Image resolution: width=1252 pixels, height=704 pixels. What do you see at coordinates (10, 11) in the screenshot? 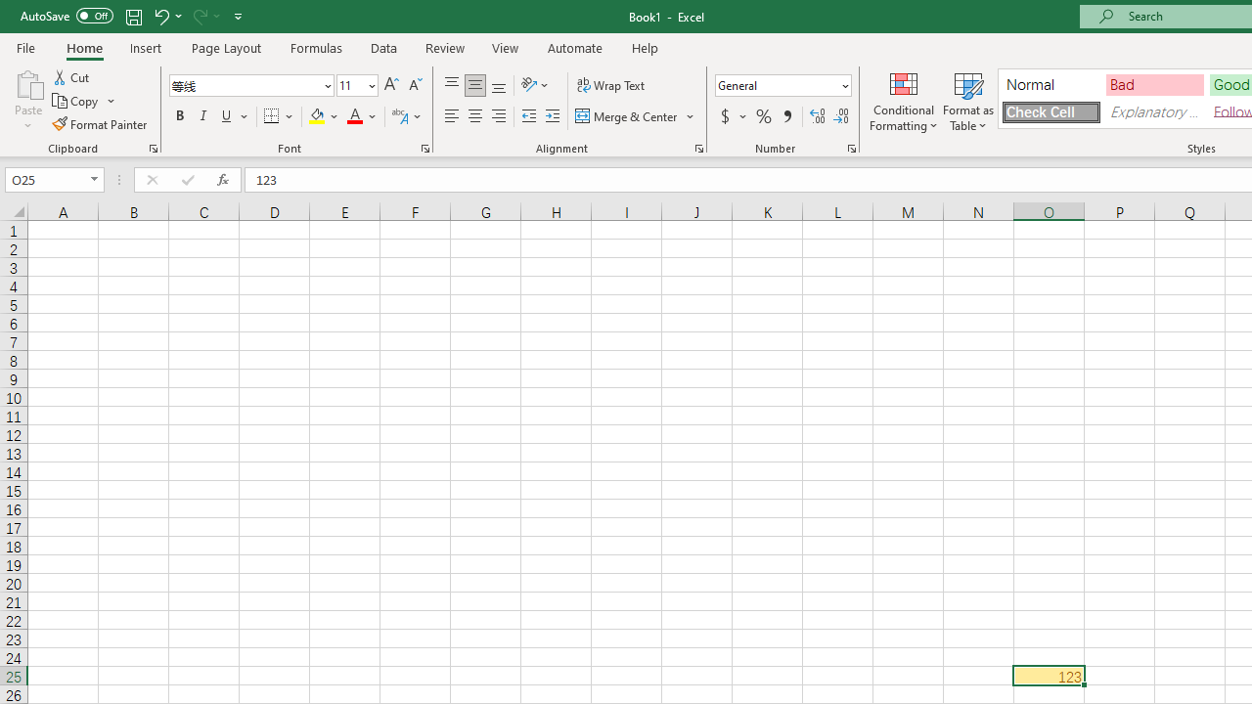
I see `'System'` at bounding box center [10, 11].